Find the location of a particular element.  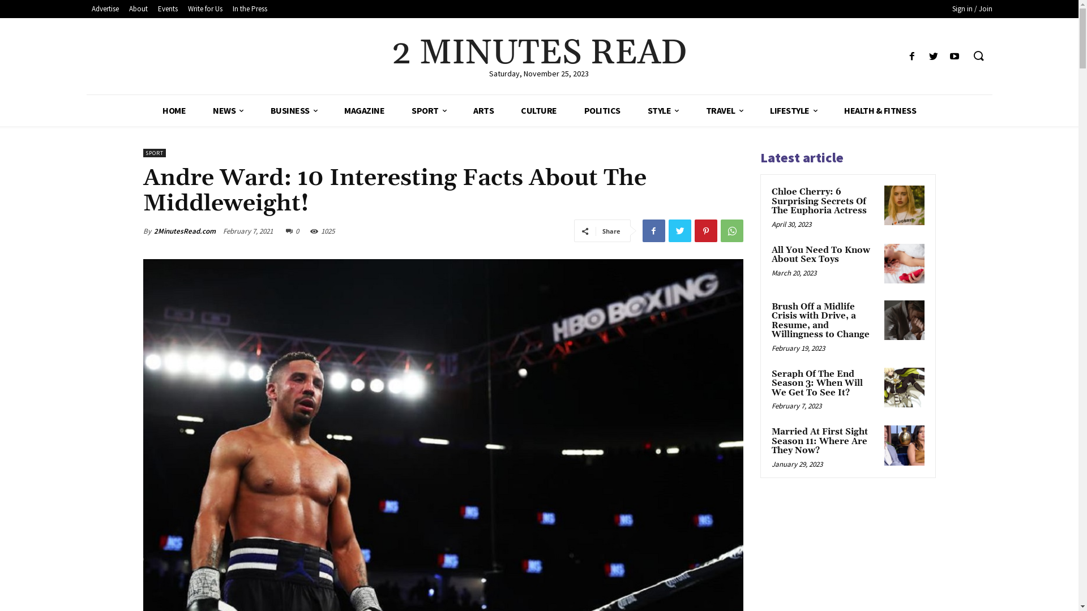

'STYLE' is located at coordinates (663, 110).